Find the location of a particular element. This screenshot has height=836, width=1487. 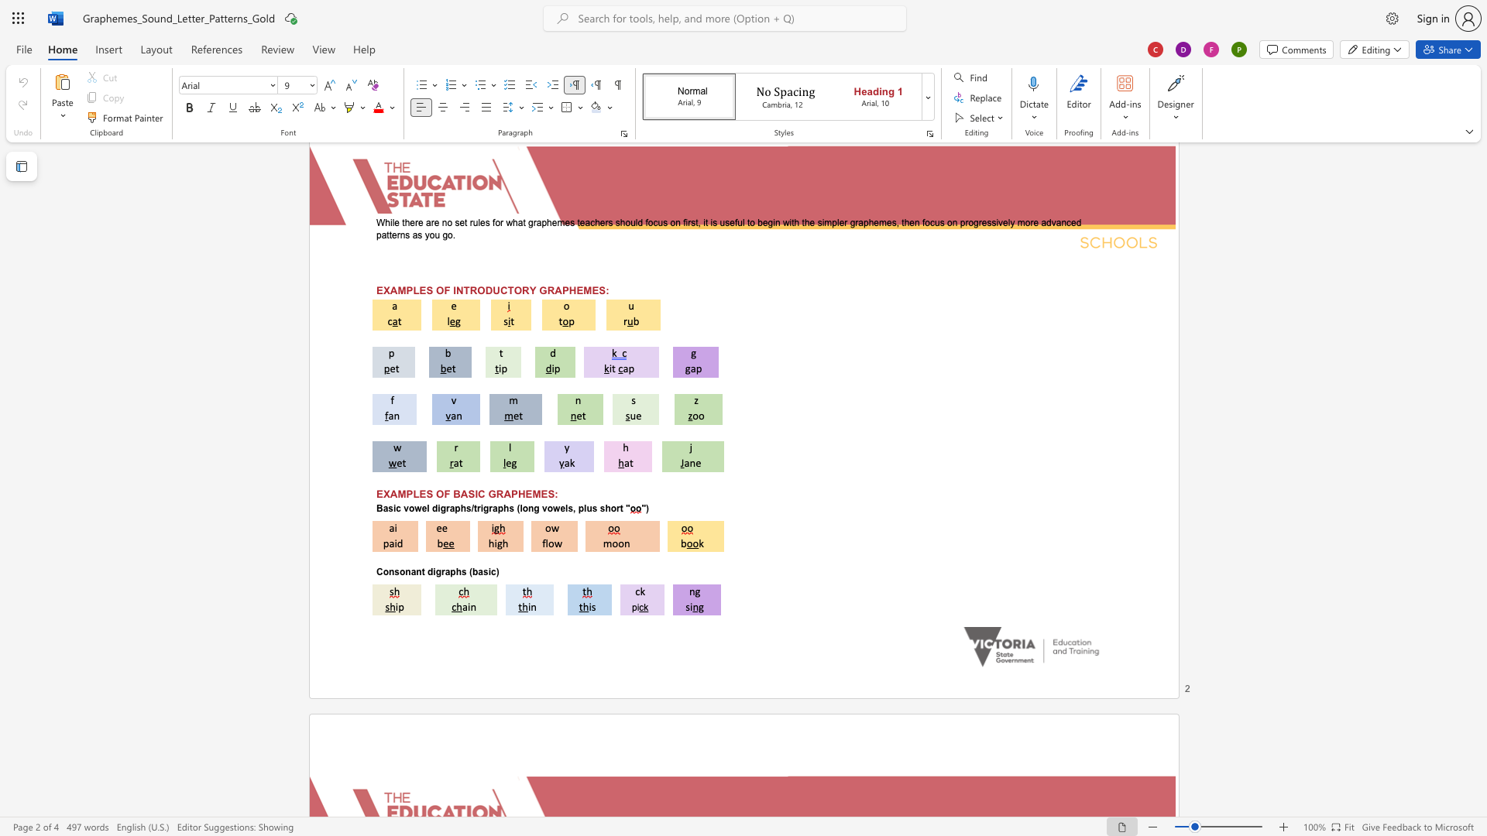

the 2th character "a" in the text is located at coordinates (452, 509).